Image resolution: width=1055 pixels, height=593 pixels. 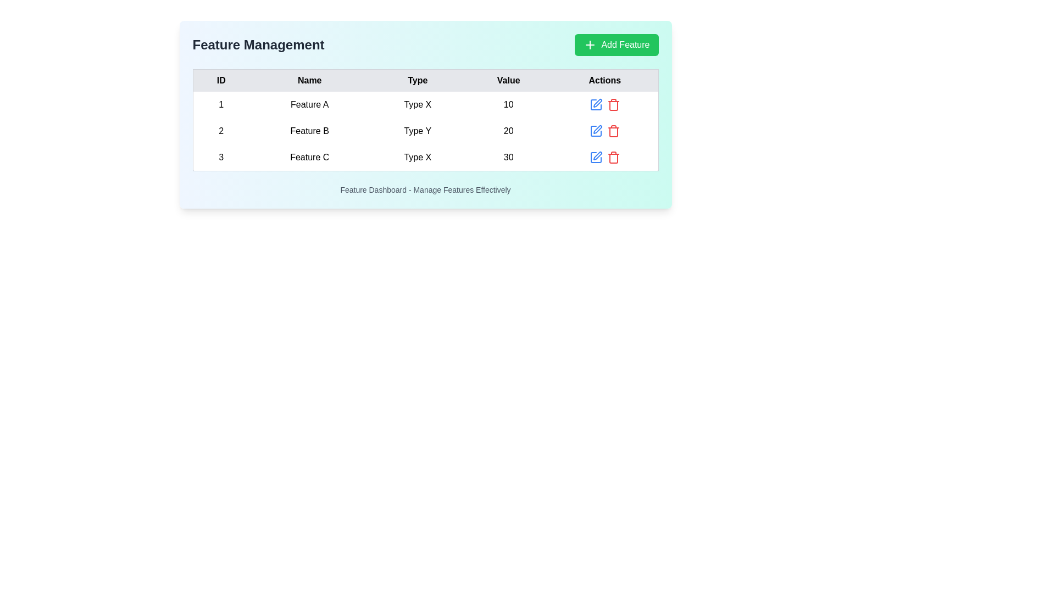 What do you see at coordinates (425, 158) in the screenshot?
I see `the third row of the table containing information about Feature C for navigation or selection` at bounding box center [425, 158].